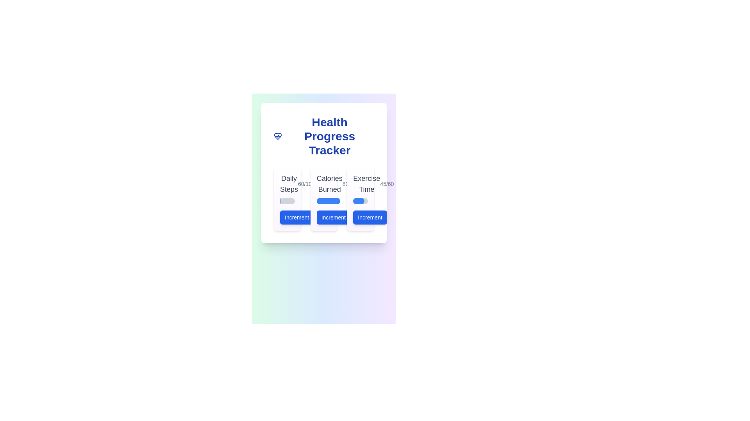  What do you see at coordinates (324, 136) in the screenshot?
I see `the 'Health Progress Tracker' header which displays bold, large, blue text and is accompanied by a heart-shaped icon, centrally aligned above the progress indicators` at bounding box center [324, 136].